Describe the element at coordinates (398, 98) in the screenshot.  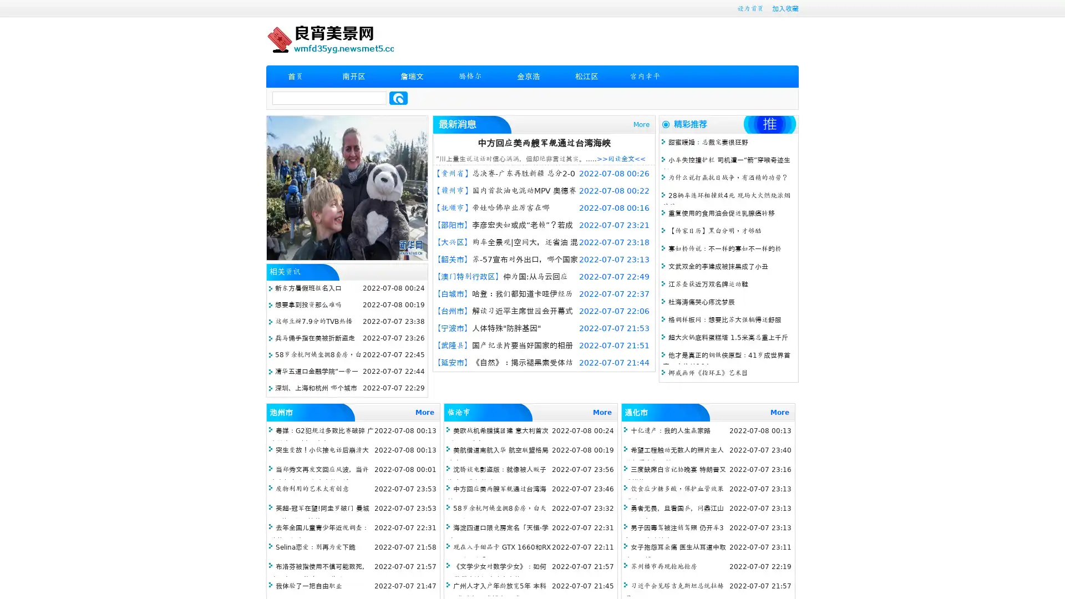
I see `Search` at that location.